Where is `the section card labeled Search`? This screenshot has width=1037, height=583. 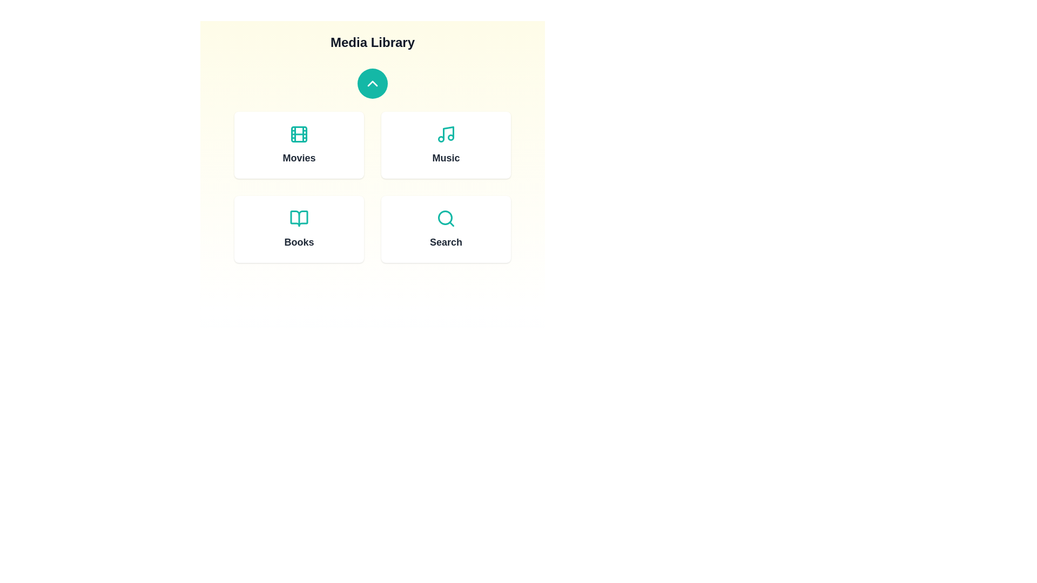 the section card labeled Search is located at coordinates (446, 228).